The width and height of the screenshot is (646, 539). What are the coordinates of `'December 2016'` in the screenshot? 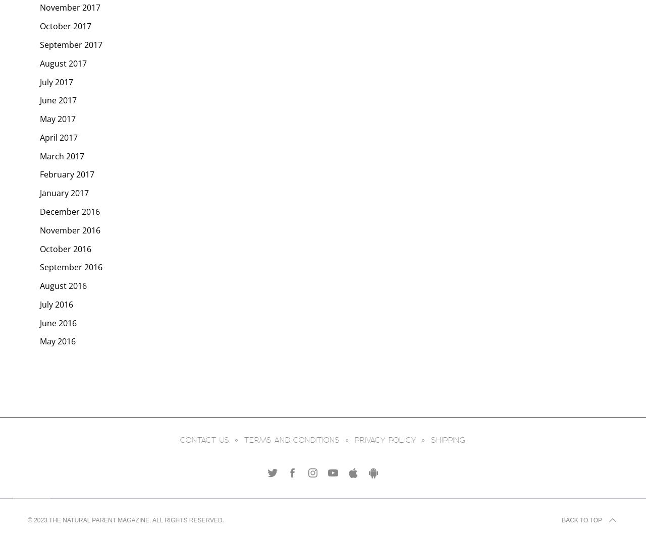 It's located at (69, 211).